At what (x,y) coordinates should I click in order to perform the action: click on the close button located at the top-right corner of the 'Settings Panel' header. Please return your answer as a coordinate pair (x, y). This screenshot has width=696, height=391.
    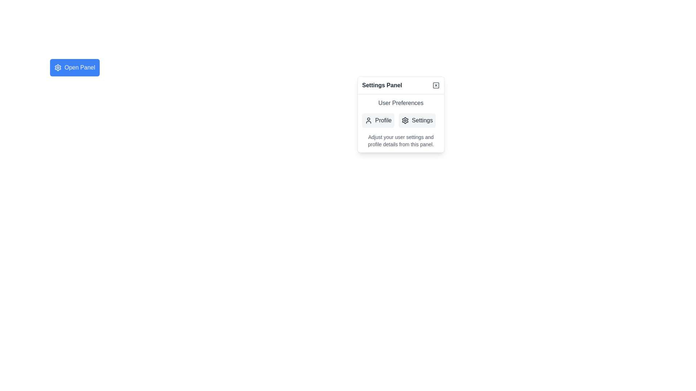
    Looking at the image, I should click on (436, 85).